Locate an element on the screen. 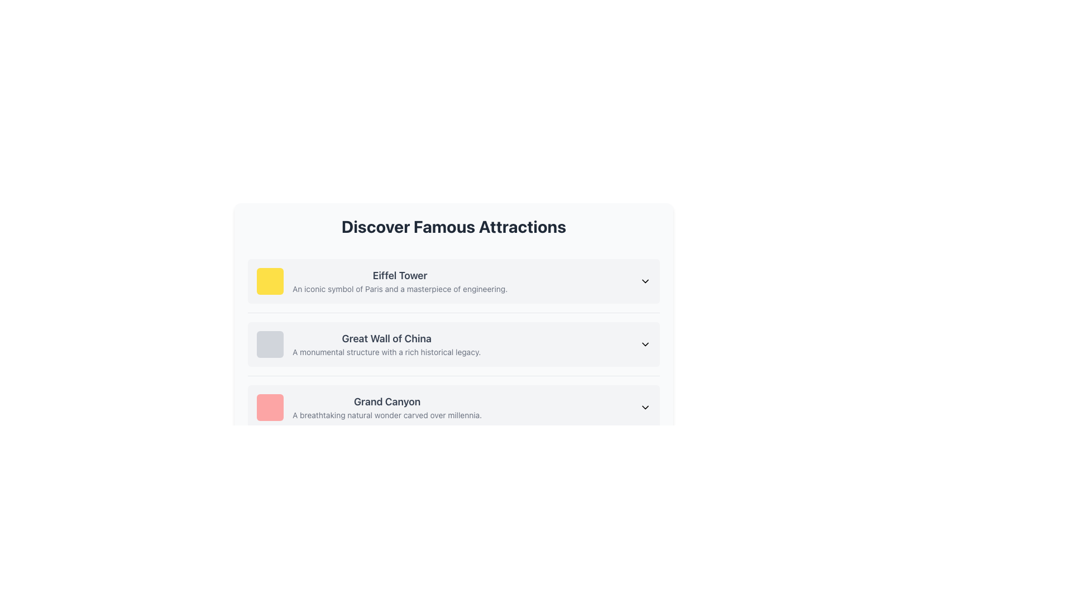  the text block titled 'Eiffel Tower' which is the first entry in the list under 'Discover Famous Attractions' is located at coordinates (400, 281).